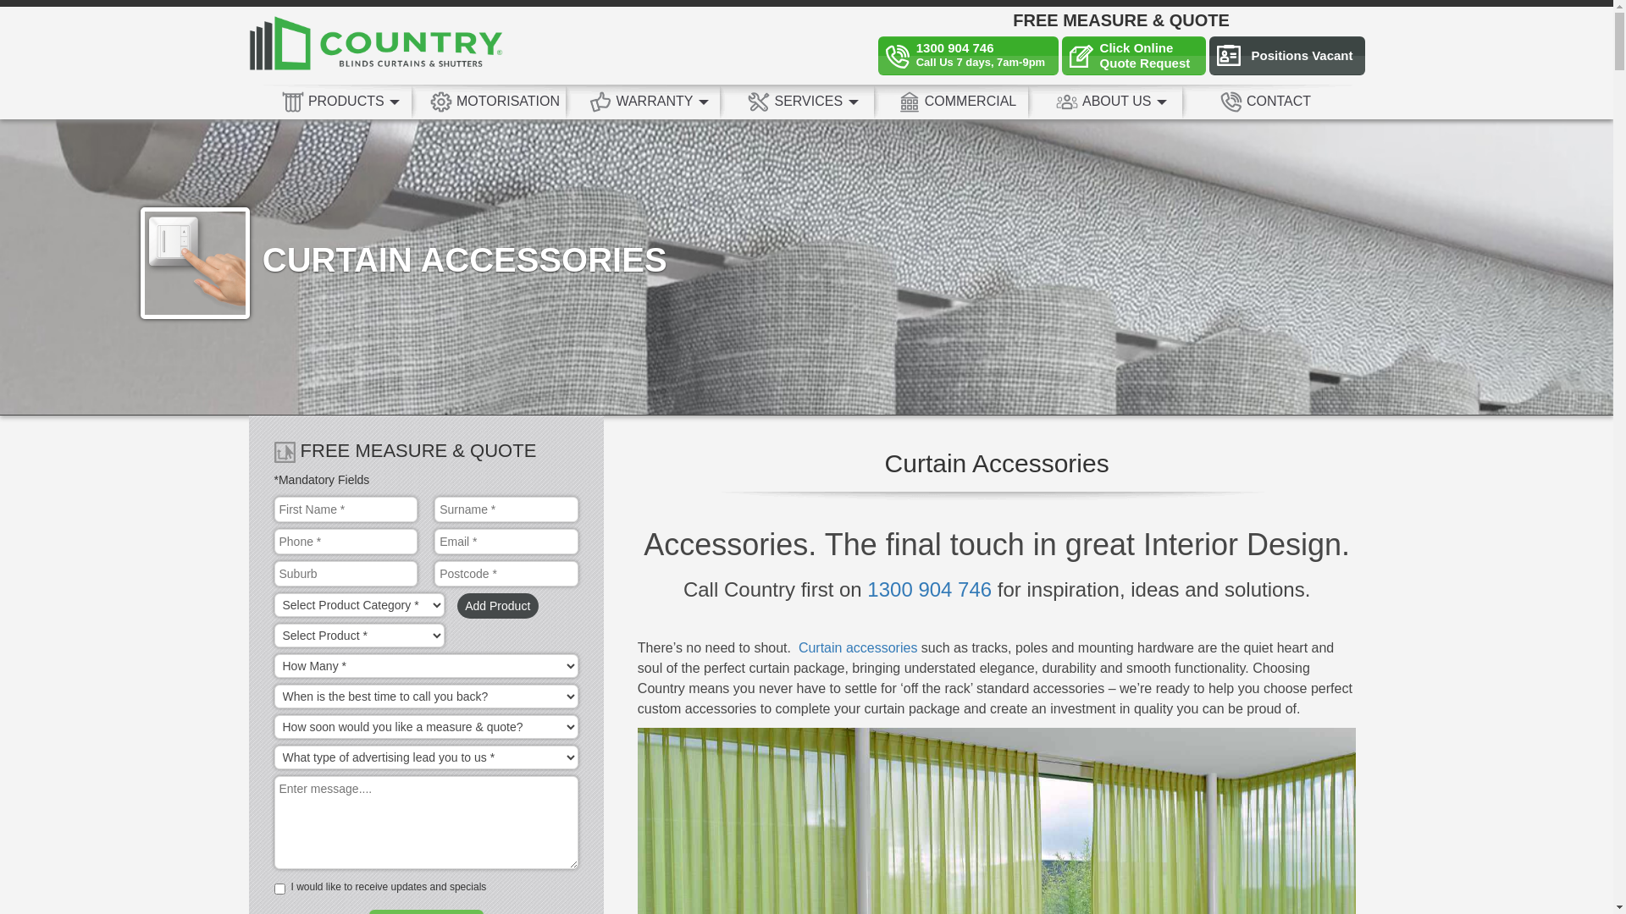 Image resolution: width=1626 pixels, height=914 pixels. What do you see at coordinates (928, 588) in the screenshot?
I see `'1300 904 746'` at bounding box center [928, 588].